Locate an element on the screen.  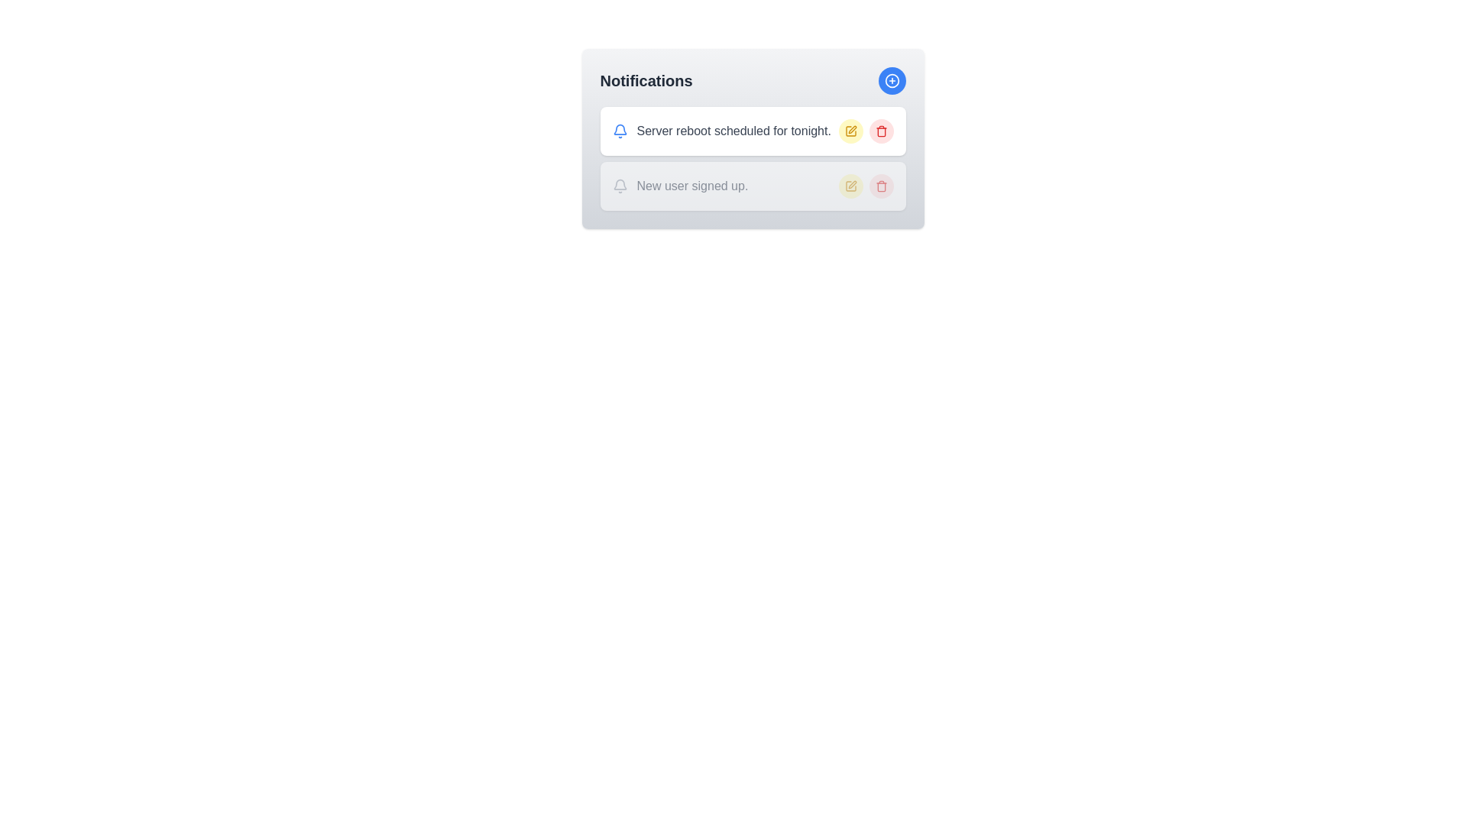
the Text Label displaying 'Server reboot scheduled for tonight.' positioned beside the blue notification bell icon in the notifications list is located at coordinates (721, 131).